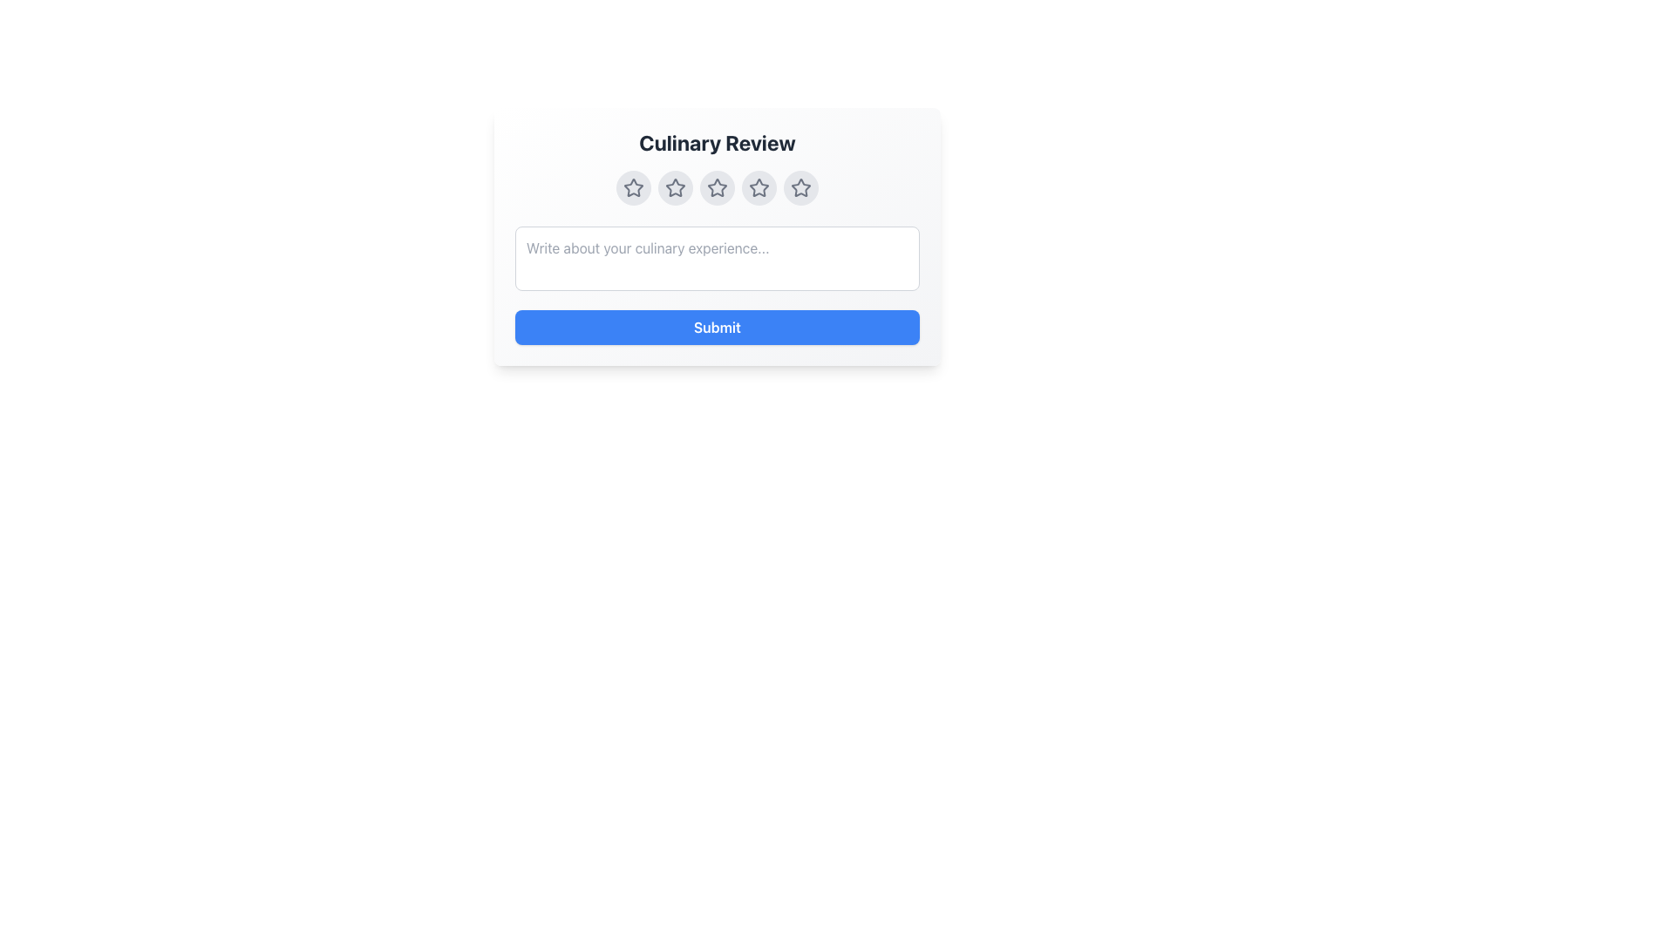 This screenshot has width=1674, height=941. What do you see at coordinates (632, 188) in the screenshot?
I see `the first star rating button` at bounding box center [632, 188].